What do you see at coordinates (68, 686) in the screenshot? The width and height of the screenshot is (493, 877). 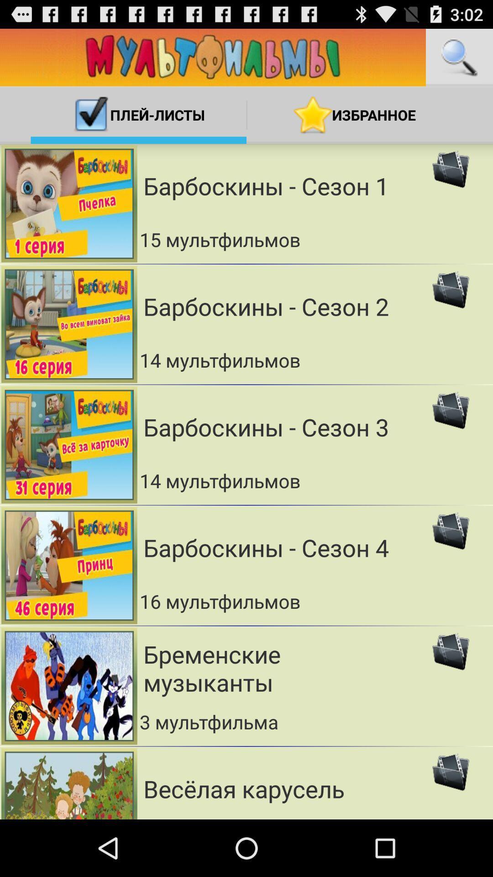 I see `left of fifth option` at bounding box center [68, 686].